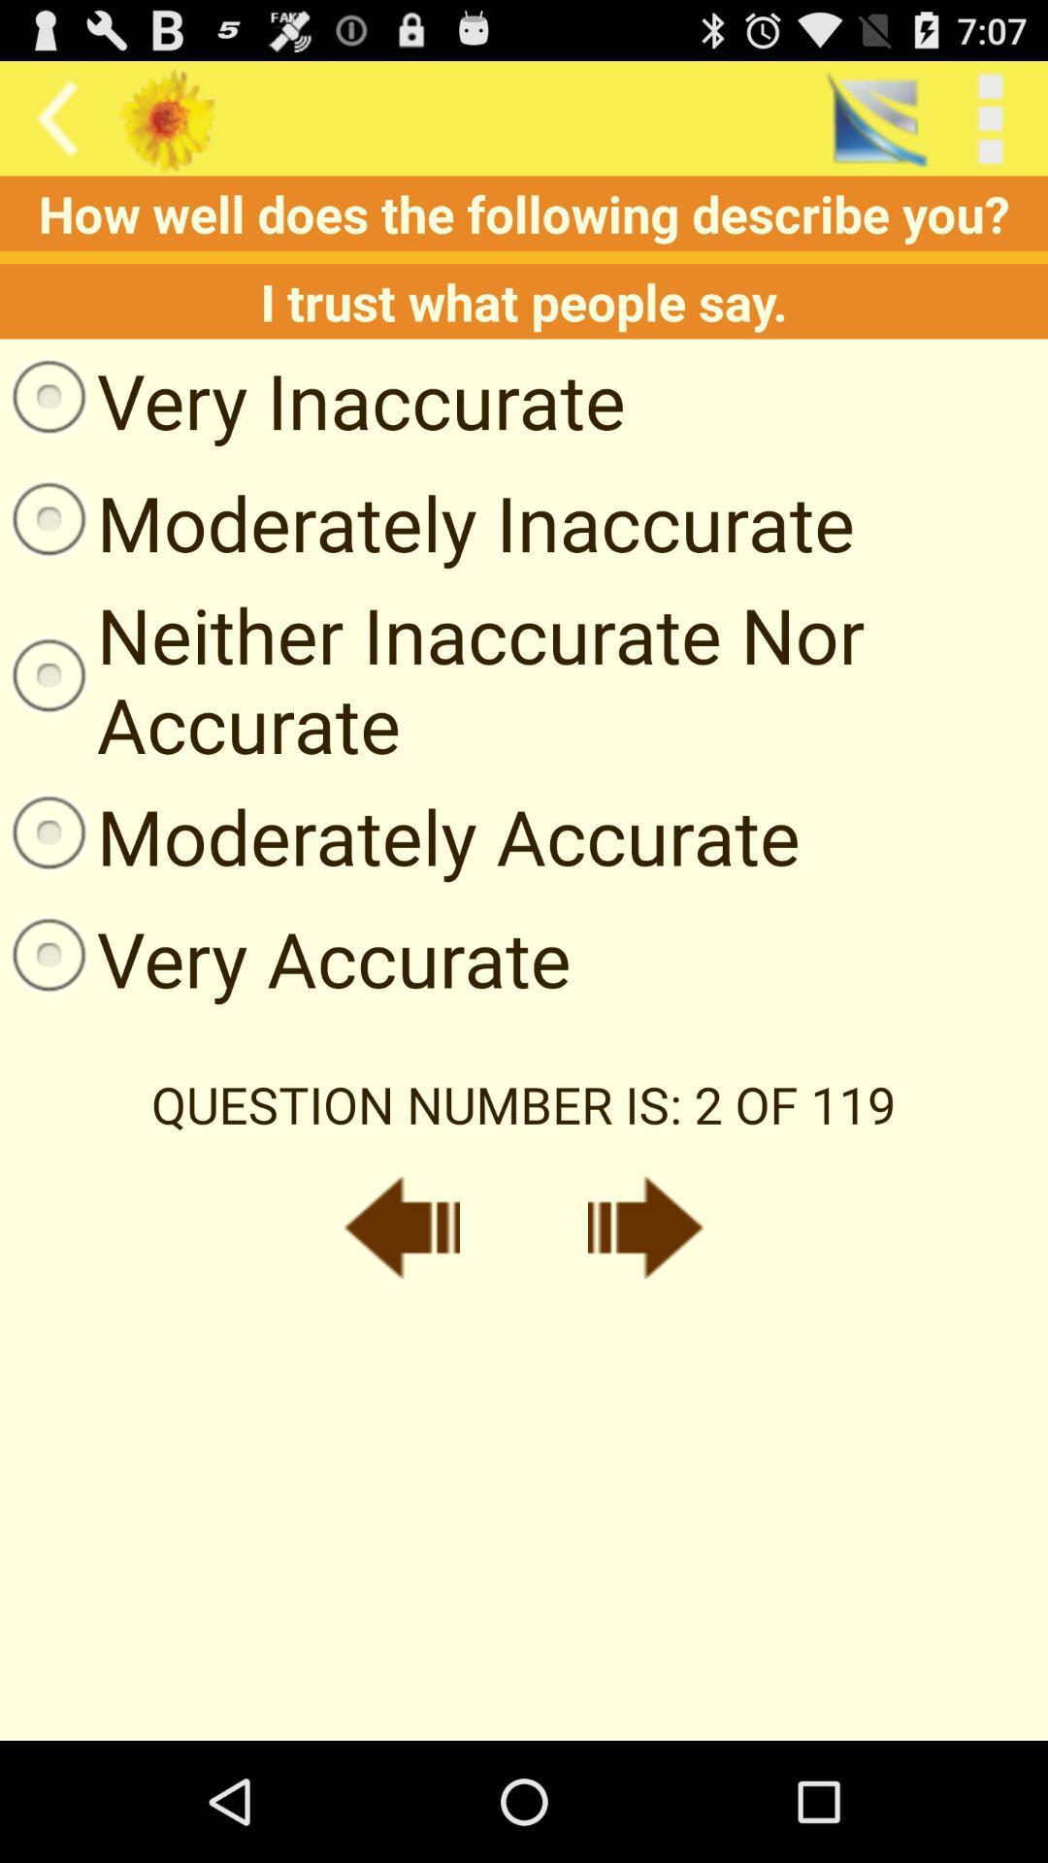 The height and width of the screenshot is (1863, 1048). What do you see at coordinates (311, 399) in the screenshot?
I see `item below the i trust what` at bounding box center [311, 399].